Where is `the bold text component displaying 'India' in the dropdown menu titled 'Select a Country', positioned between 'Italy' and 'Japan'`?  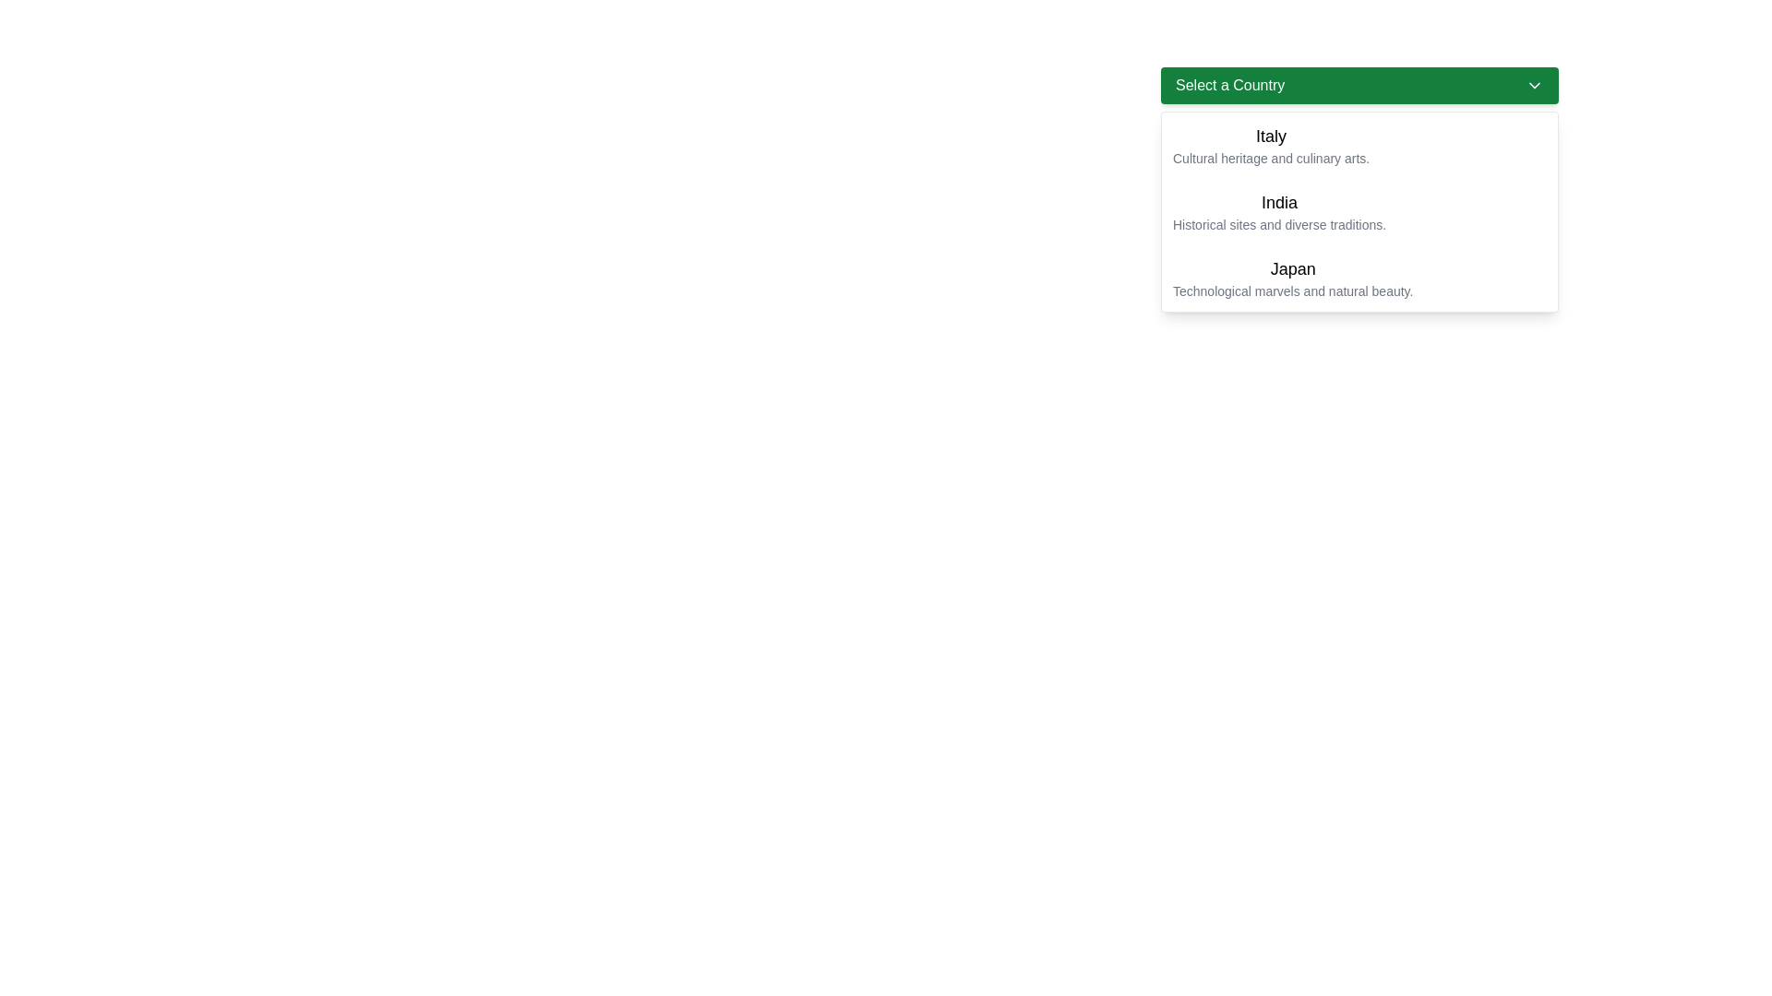
the bold text component displaying 'India' in the dropdown menu titled 'Select a Country', positioned between 'Italy' and 'Japan' is located at coordinates (1278, 202).